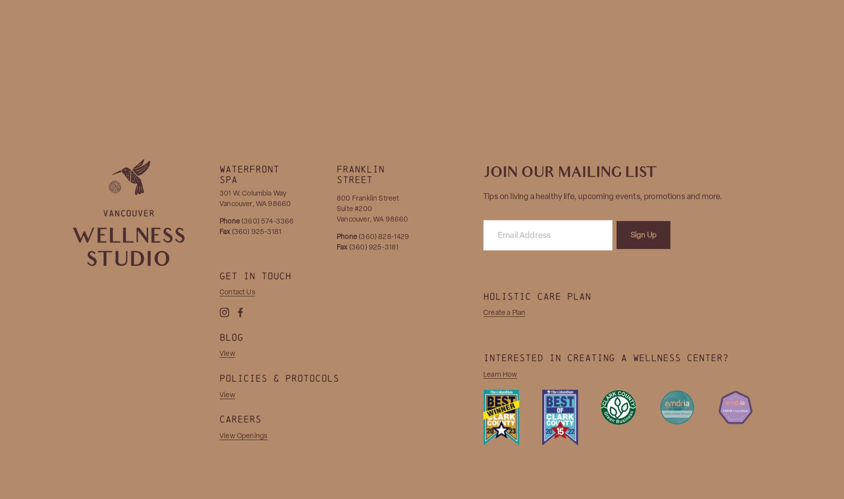 This screenshot has height=499, width=844. Describe the element at coordinates (486, 373) in the screenshot. I see `'earn How'` at that location.